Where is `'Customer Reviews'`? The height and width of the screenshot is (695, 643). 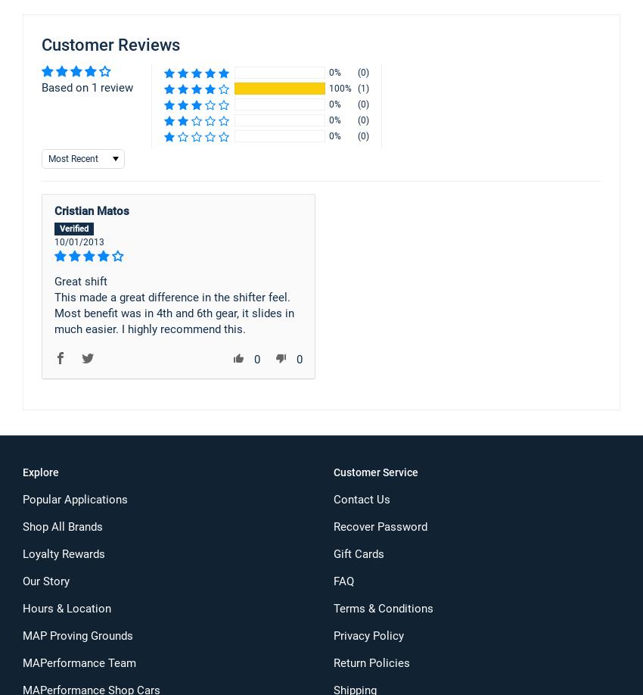
'Customer Reviews' is located at coordinates (110, 45).